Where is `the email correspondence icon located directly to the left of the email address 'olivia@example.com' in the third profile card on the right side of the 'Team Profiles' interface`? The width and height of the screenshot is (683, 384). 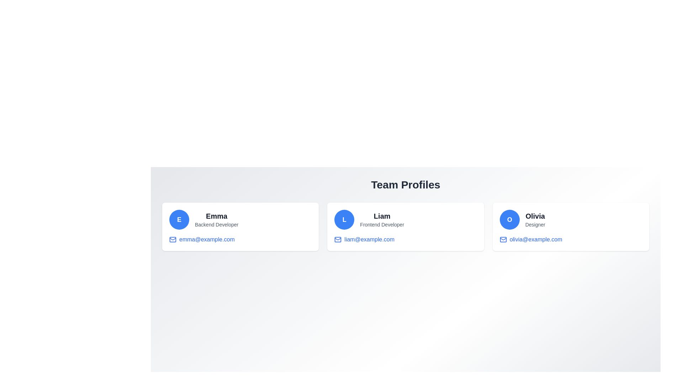 the email correspondence icon located directly to the left of the email address 'olivia@example.com' in the third profile card on the right side of the 'Team Profiles' interface is located at coordinates (503, 240).